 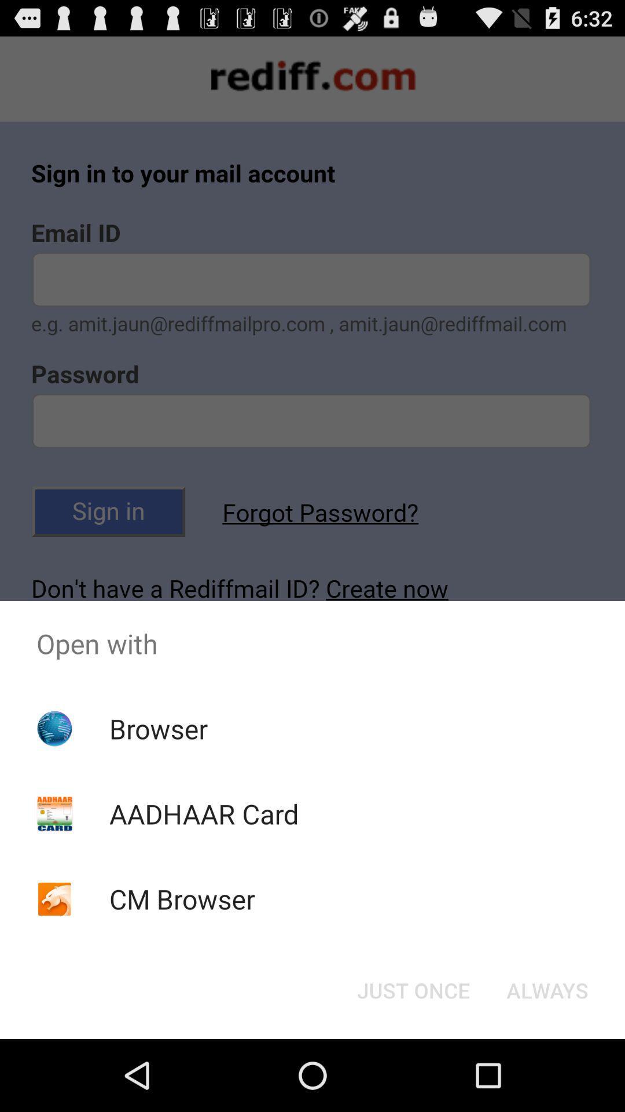 What do you see at coordinates (413, 989) in the screenshot?
I see `item next to always button` at bounding box center [413, 989].